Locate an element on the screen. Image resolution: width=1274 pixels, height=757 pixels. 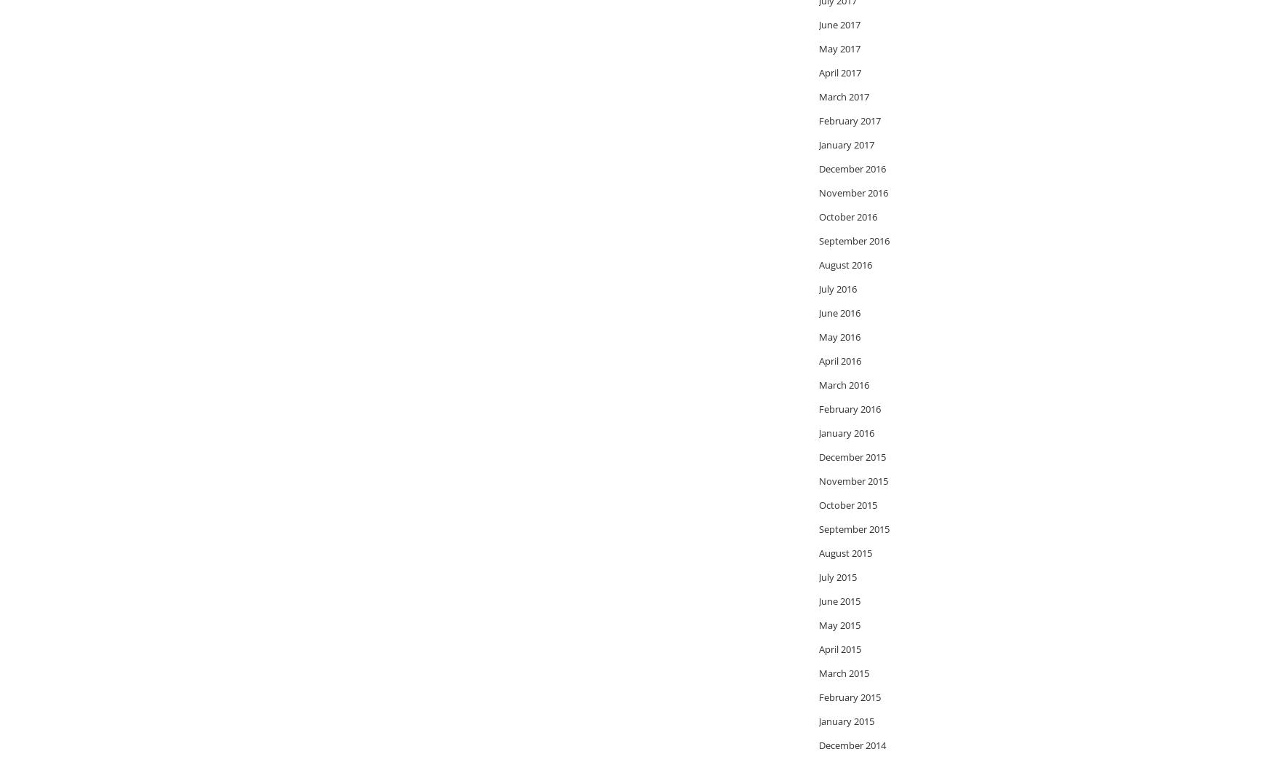
'April 2016' is located at coordinates (819, 360).